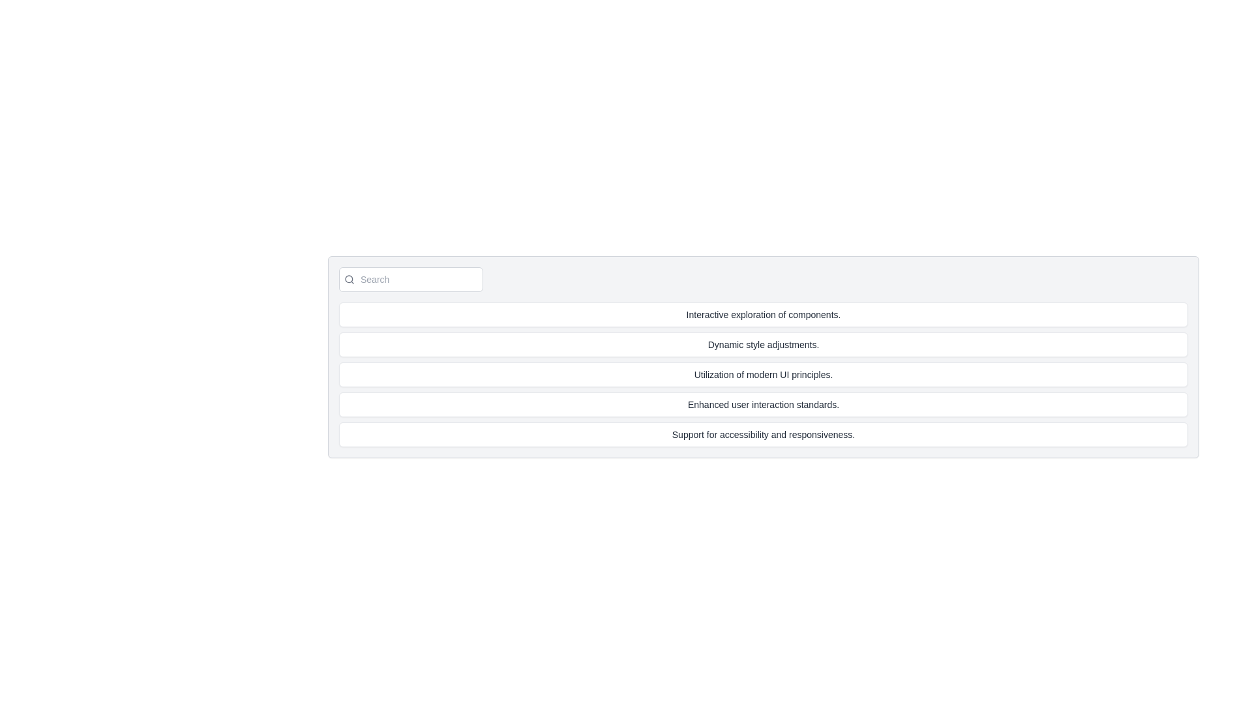 This screenshot has height=704, width=1252. What do you see at coordinates (831, 374) in the screenshot?
I see `the gray dot punctuation mark (.) located at the end of the text 'Utilization of modern UI principles.'` at bounding box center [831, 374].